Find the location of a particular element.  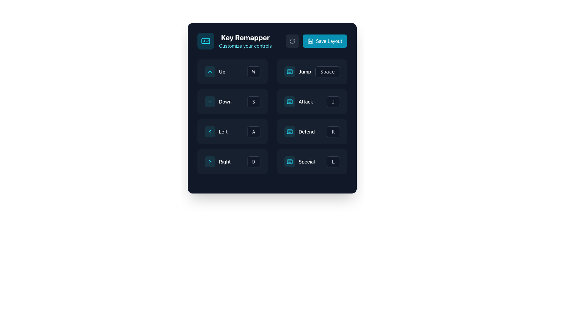

the small rectangular button labeled 'L' is located at coordinates (333, 161).